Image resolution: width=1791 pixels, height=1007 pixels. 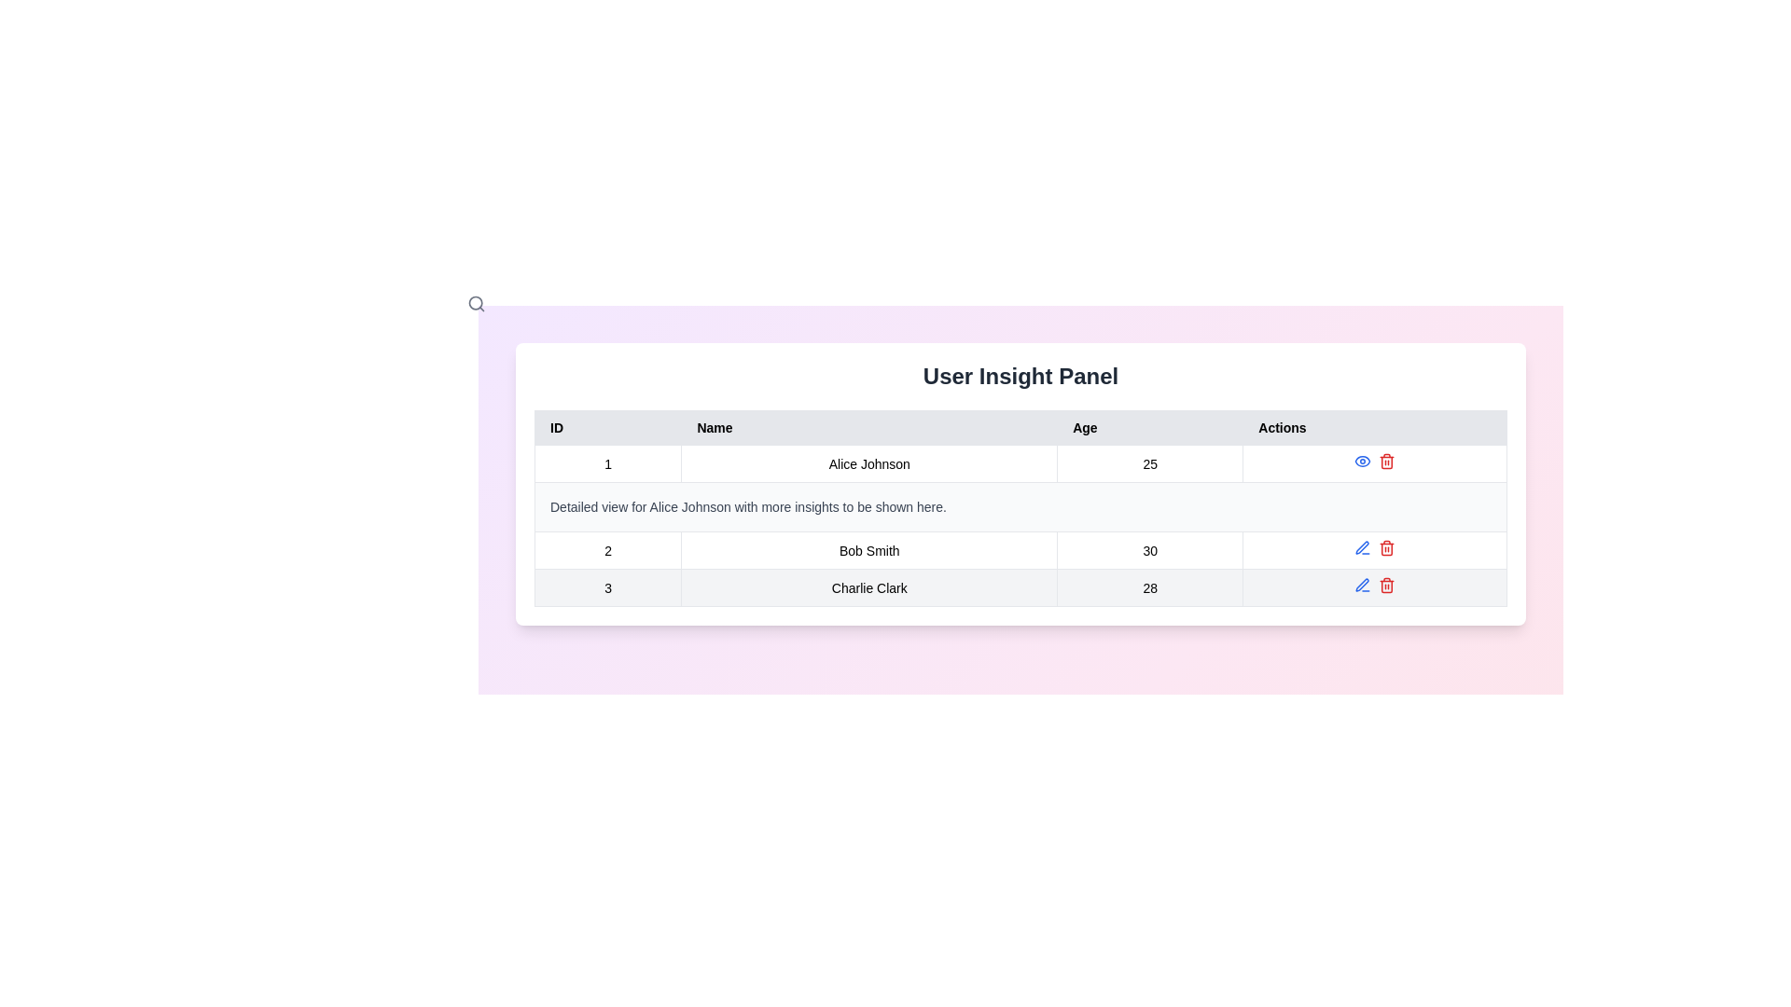 What do you see at coordinates (1363, 546) in the screenshot?
I see `the Icon button in the 'Actions' column for user 'Bob Smith', which allows editing of associated data` at bounding box center [1363, 546].